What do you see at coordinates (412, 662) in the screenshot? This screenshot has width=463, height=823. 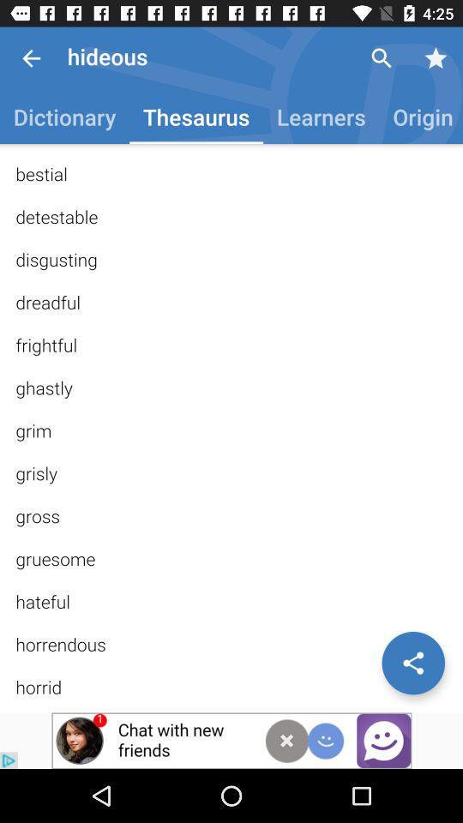 I see `sharing options` at bounding box center [412, 662].